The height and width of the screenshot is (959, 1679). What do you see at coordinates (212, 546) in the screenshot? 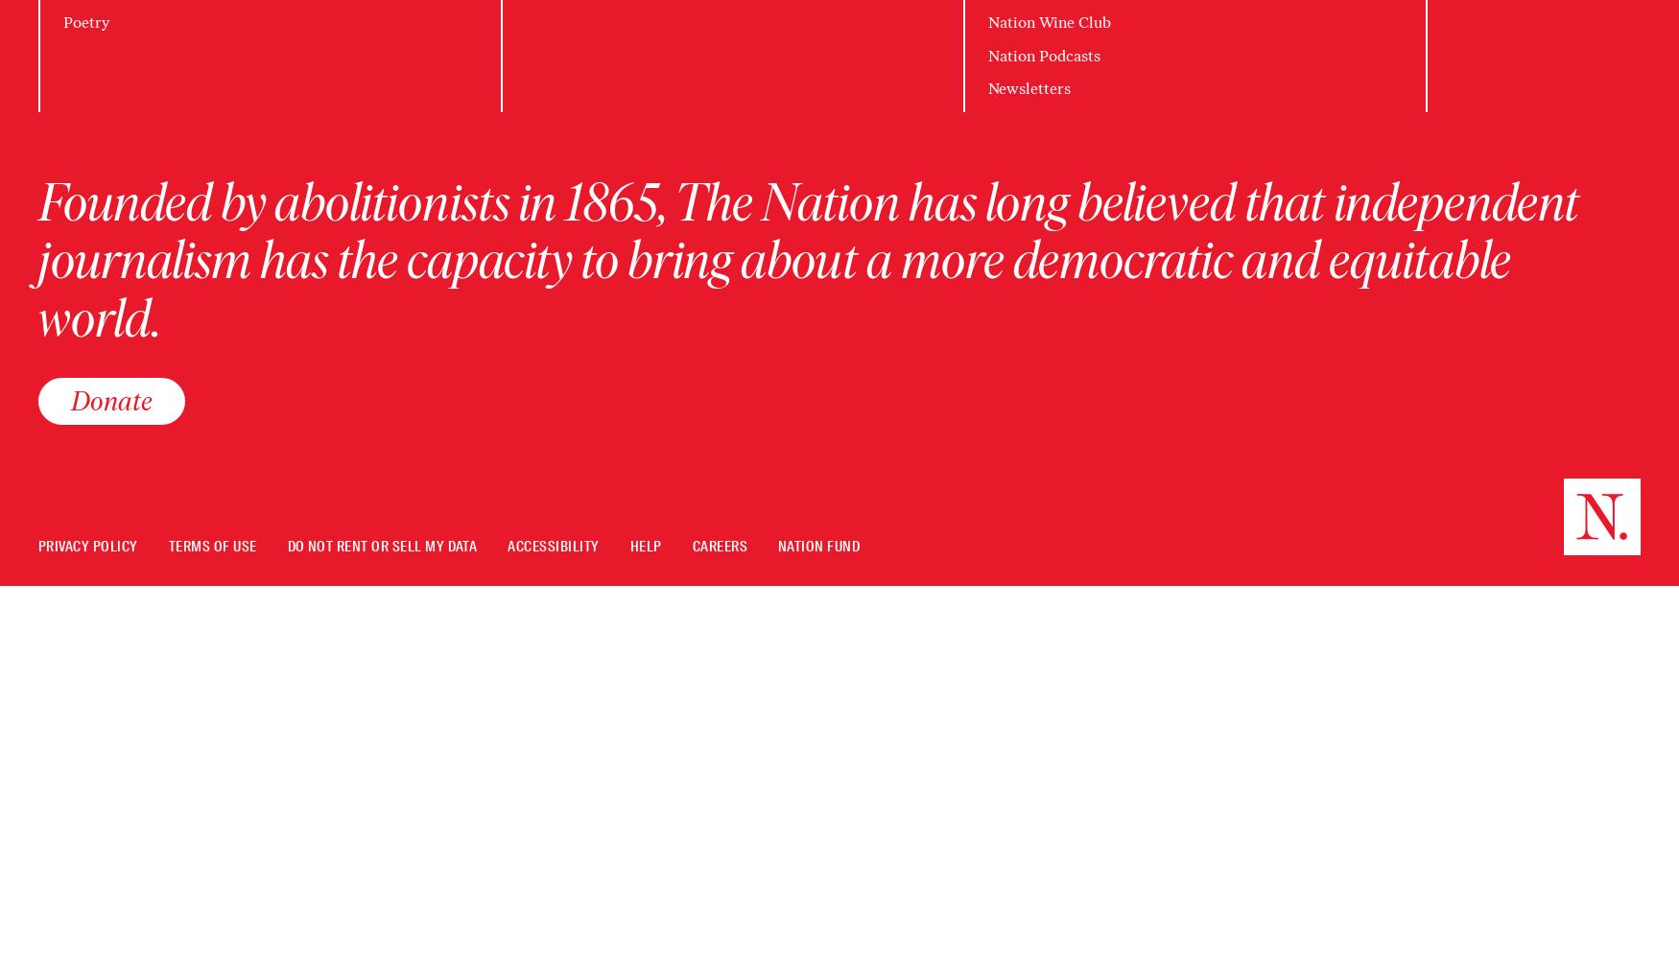
I see `'Terms of Use'` at bounding box center [212, 546].